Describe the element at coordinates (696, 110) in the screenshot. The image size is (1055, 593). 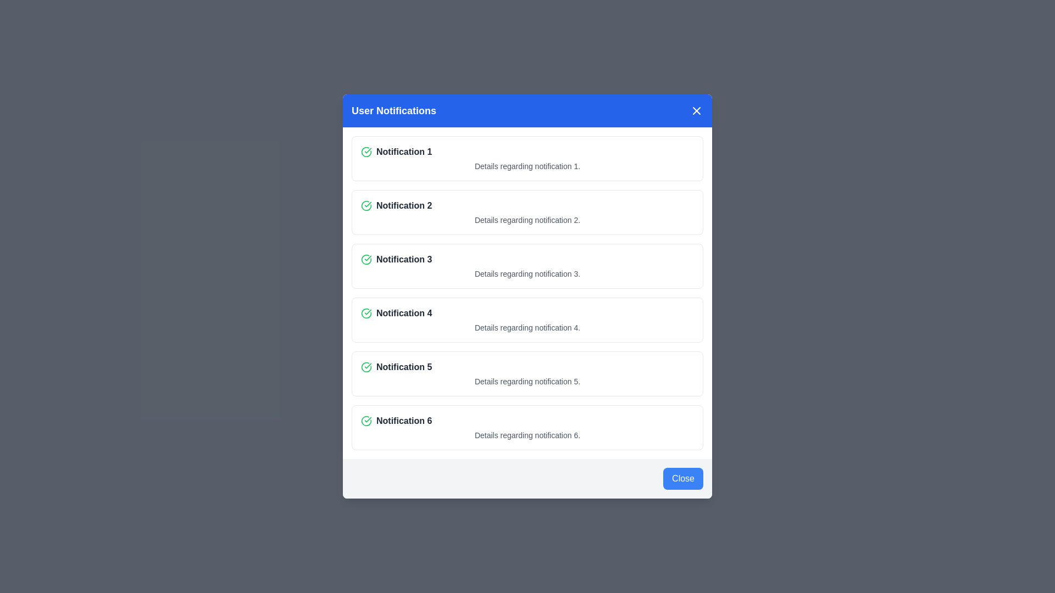
I see `the close button in the header to close the dialog` at that location.